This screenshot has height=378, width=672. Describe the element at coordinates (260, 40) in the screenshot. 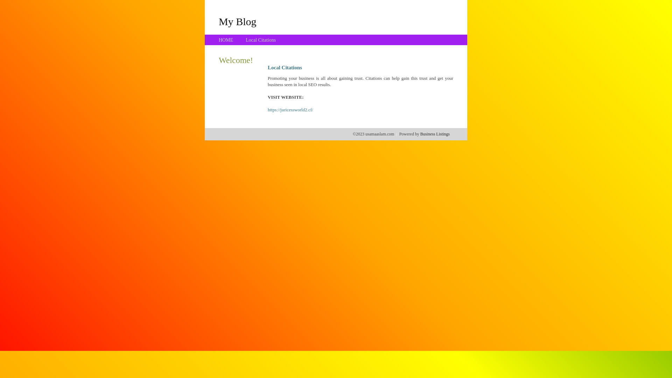

I see `'Local Citations'` at that location.